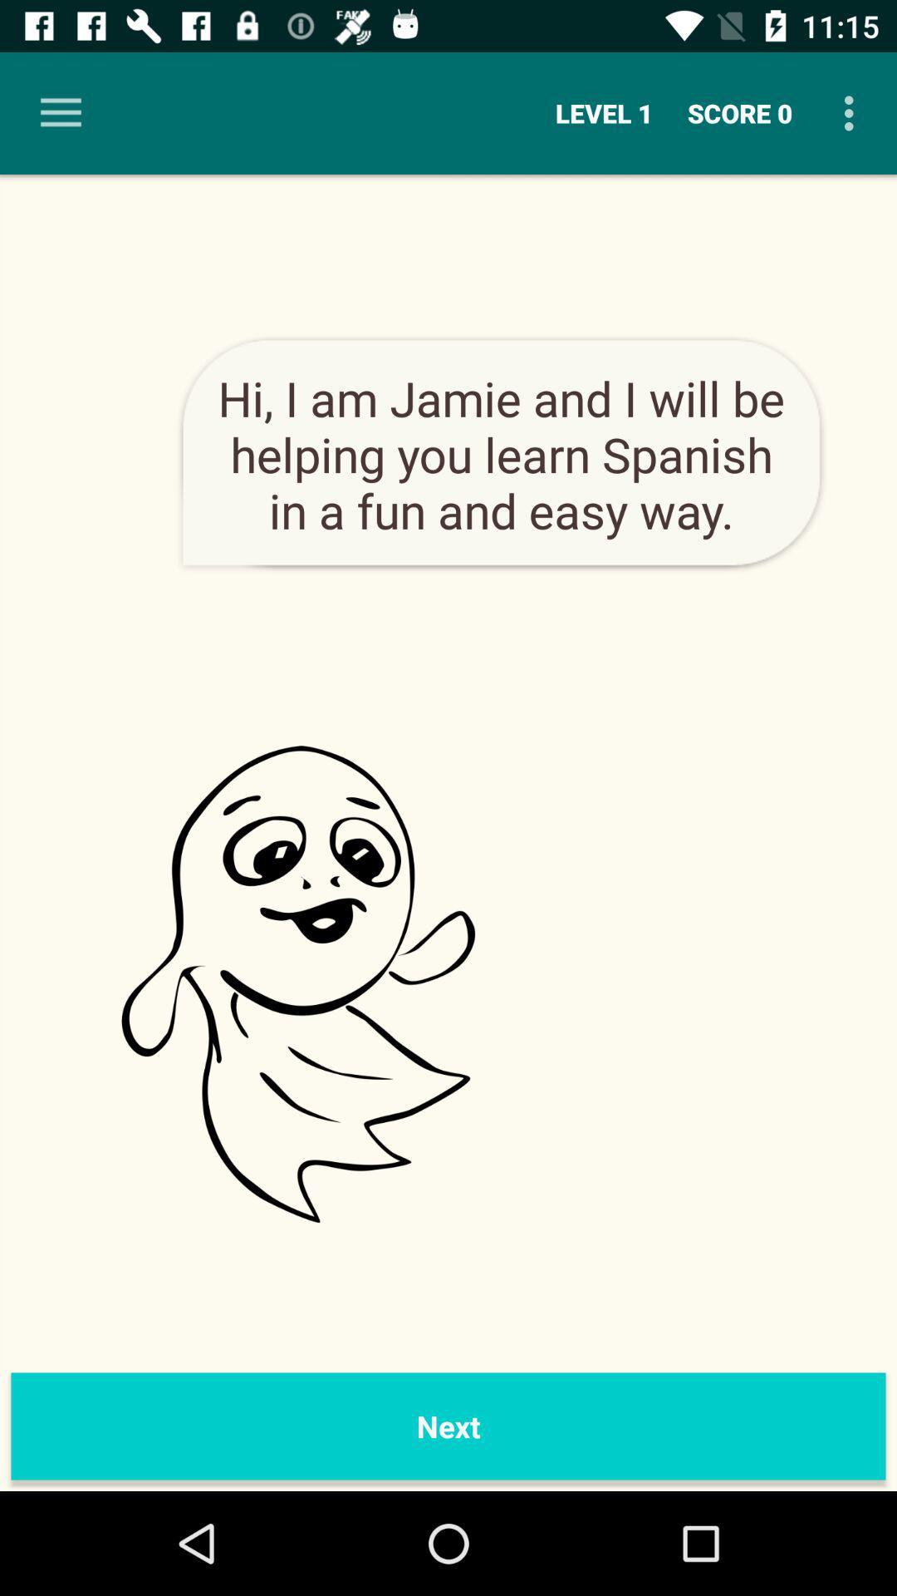 This screenshot has width=897, height=1596. I want to click on the next, so click(448, 1425).